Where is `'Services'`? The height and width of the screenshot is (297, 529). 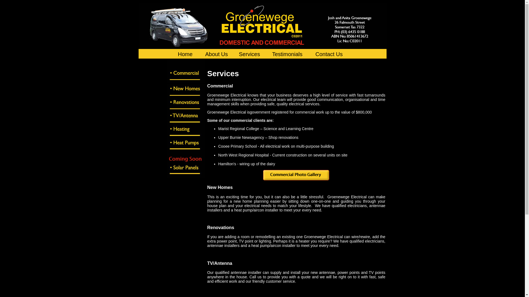 'Services' is located at coordinates (239, 54).